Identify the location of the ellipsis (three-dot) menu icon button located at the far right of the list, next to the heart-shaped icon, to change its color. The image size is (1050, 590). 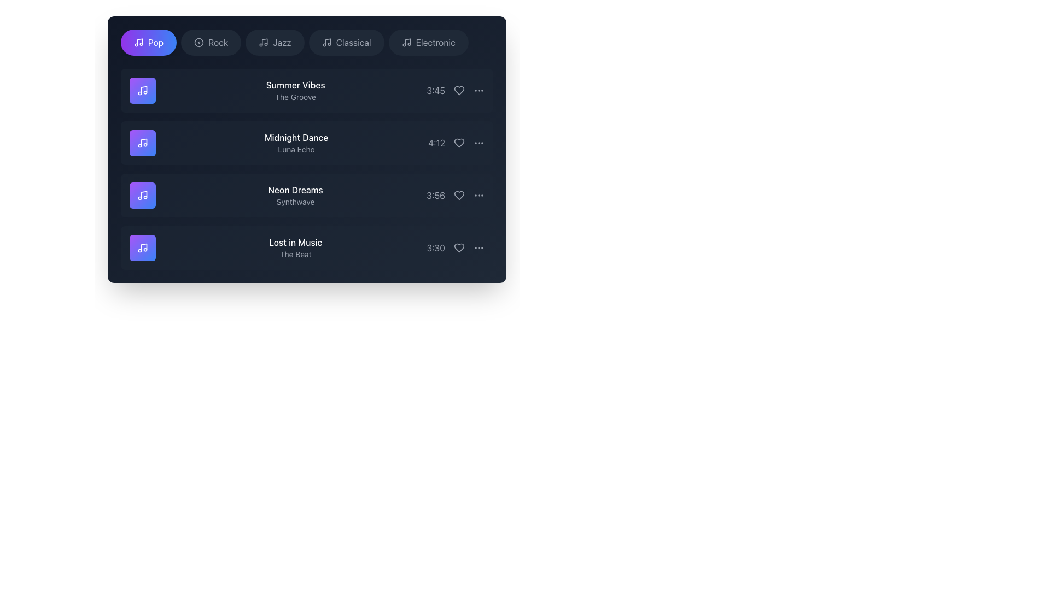
(479, 90).